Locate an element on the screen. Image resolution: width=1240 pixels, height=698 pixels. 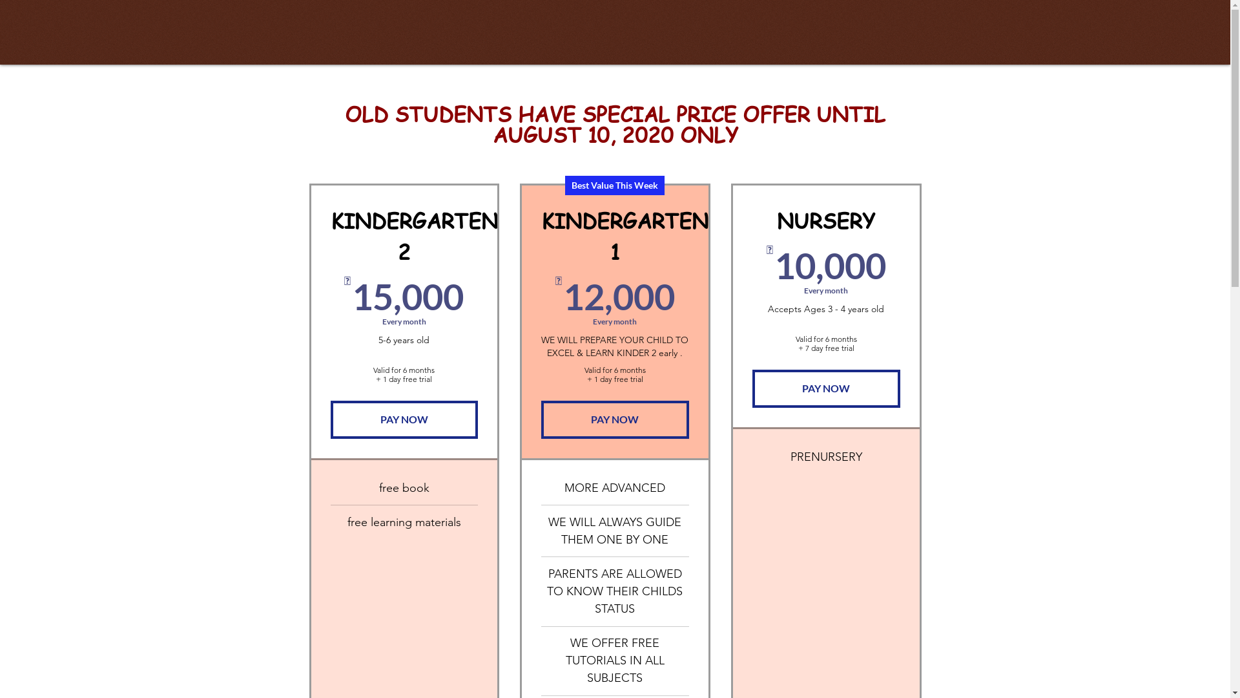
'PAY NOW' is located at coordinates (404, 419).